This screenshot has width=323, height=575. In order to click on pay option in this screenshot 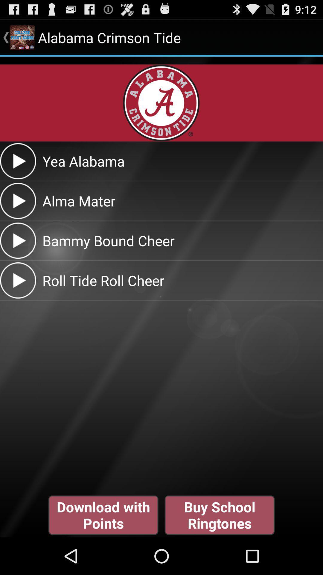, I will do `click(18, 240)`.